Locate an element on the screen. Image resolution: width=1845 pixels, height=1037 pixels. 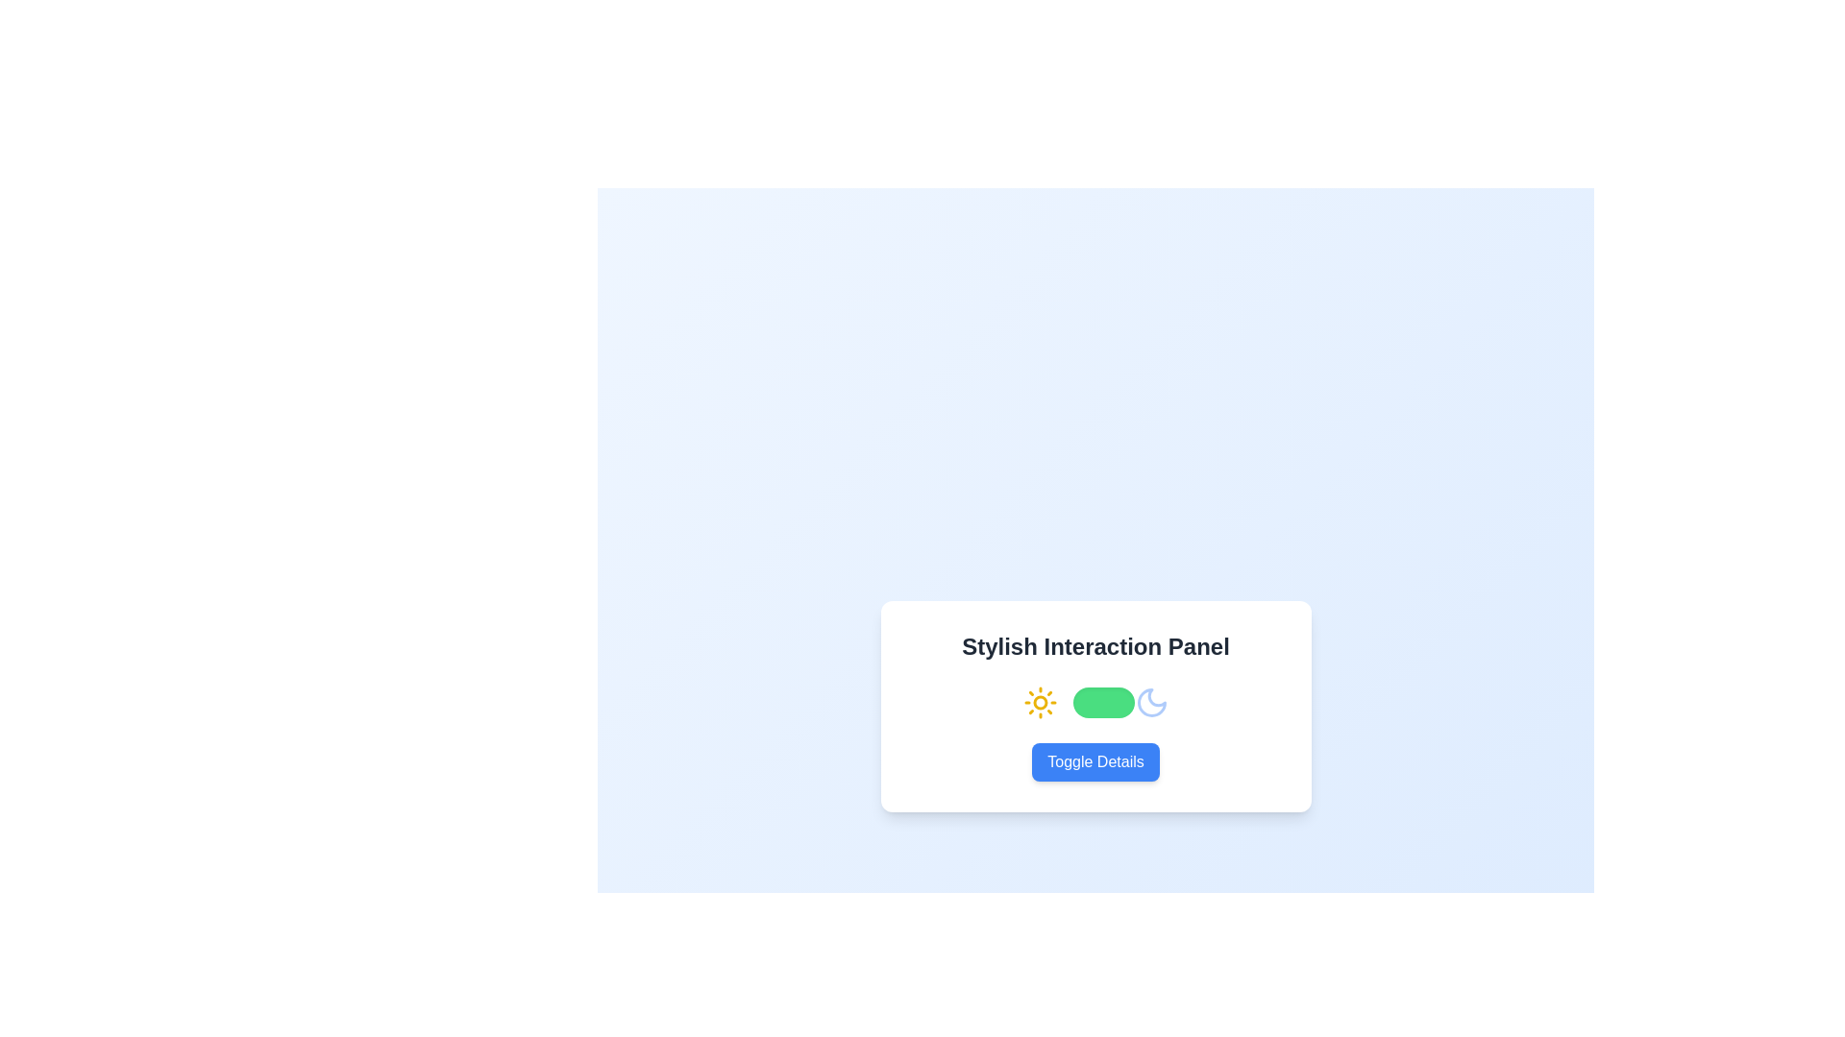
the toggle switch located at the center section of the interface is located at coordinates (1103, 703).